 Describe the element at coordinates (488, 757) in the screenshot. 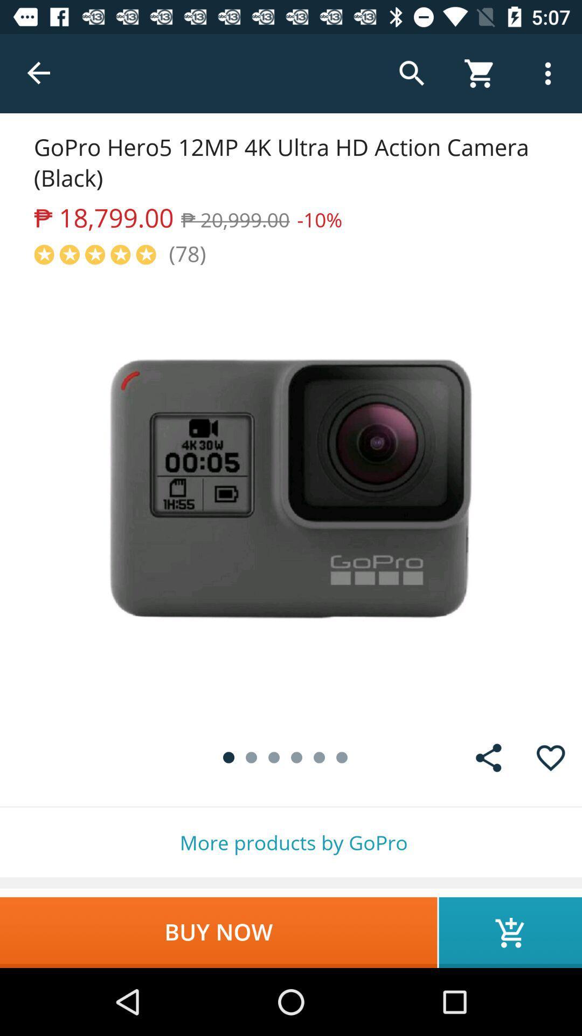

I see `copy link to item` at that location.